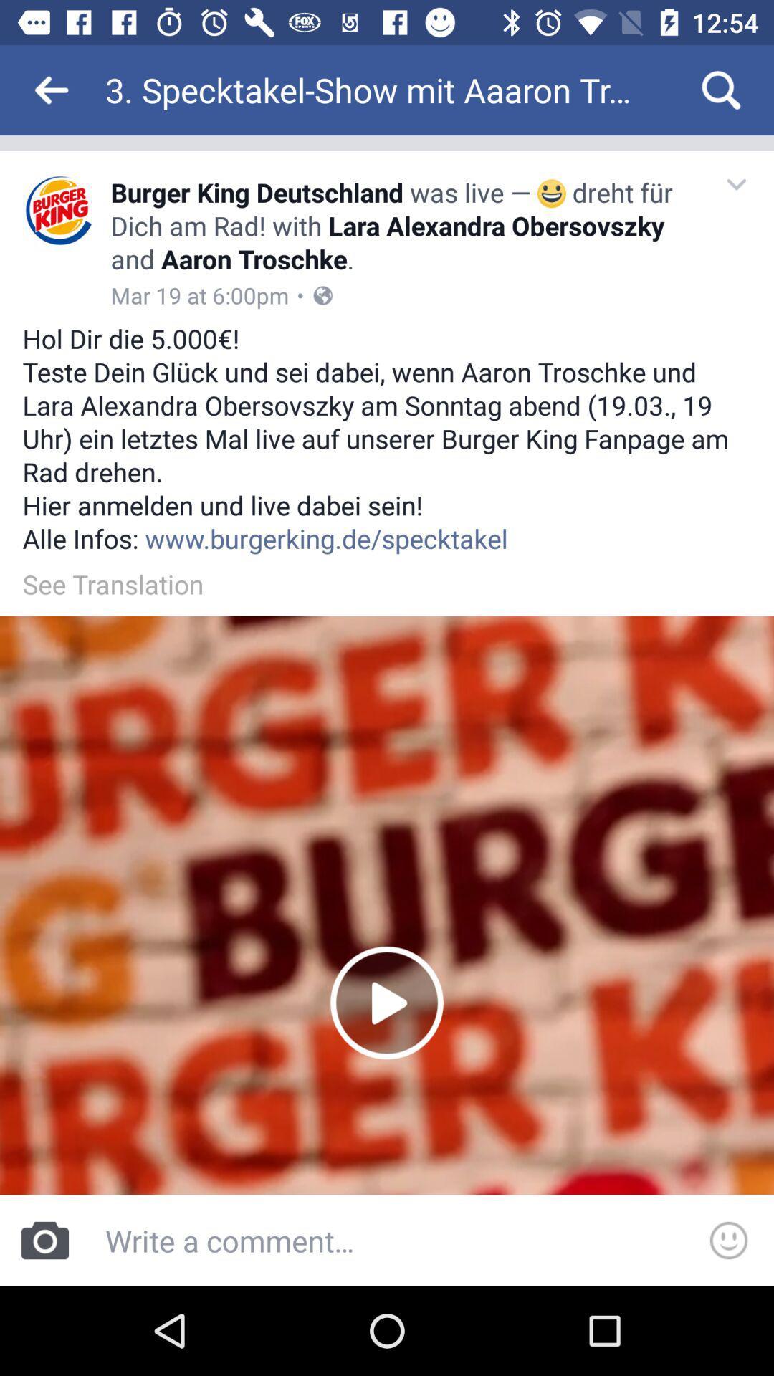 Image resolution: width=774 pixels, height=1376 pixels. I want to click on the photo icon, so click(44, 1240).